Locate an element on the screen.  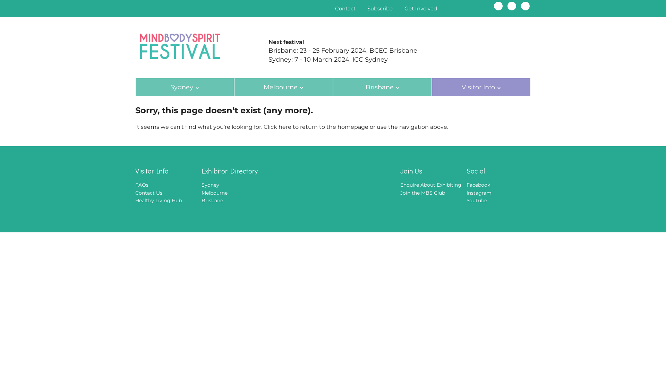
'Visitor Info' is located at coordinates (167, 171).